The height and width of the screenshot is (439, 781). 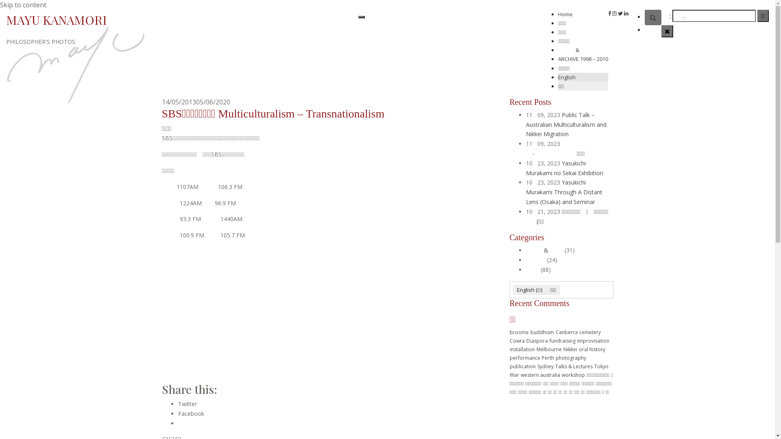 I want to click on 'Home', so click(x=565, y=14).